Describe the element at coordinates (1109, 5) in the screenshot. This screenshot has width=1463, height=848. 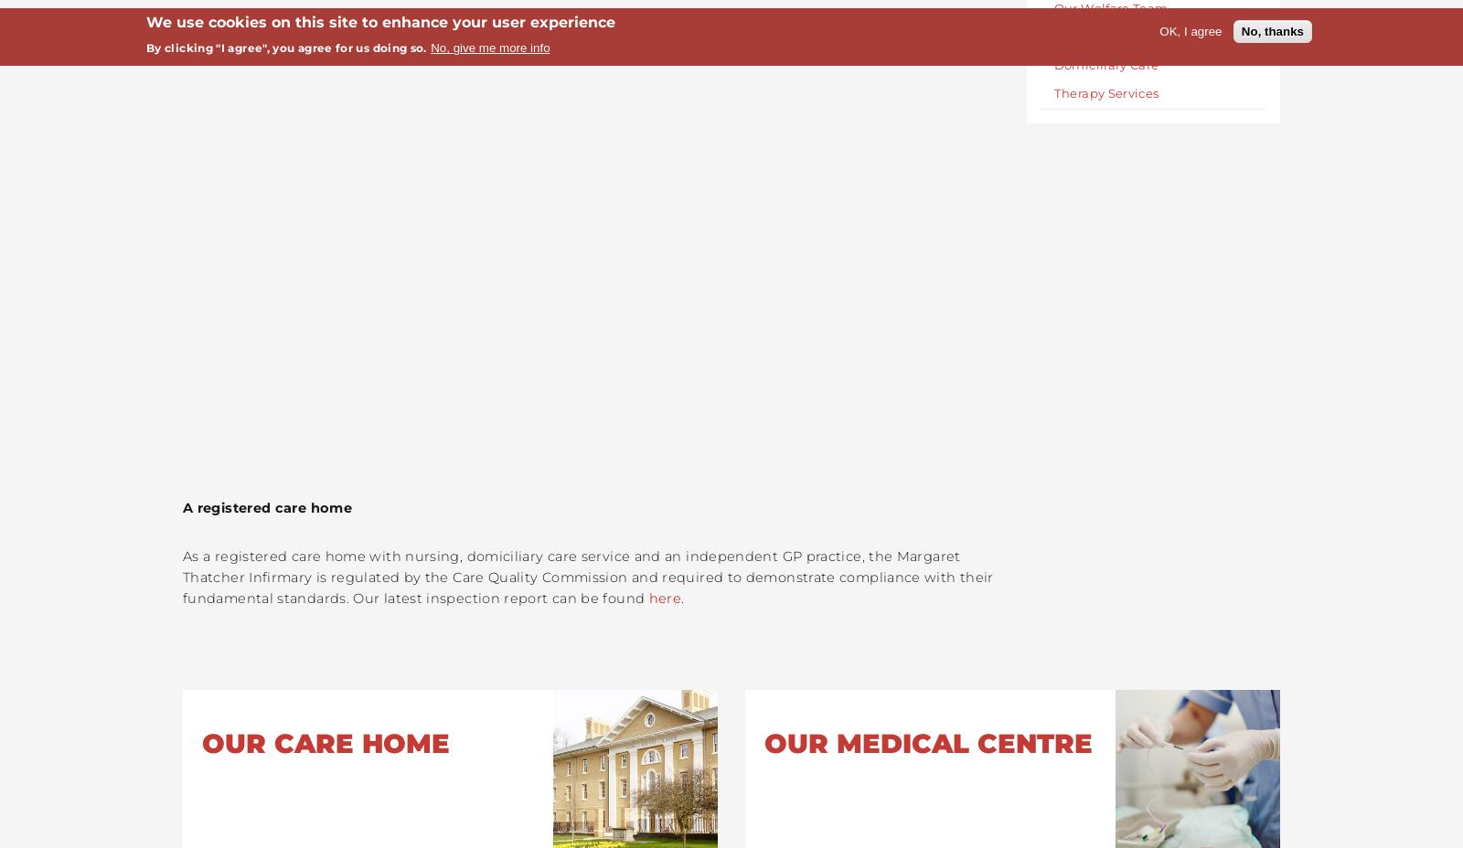
I see `'Our Welfare Team'` at that location.